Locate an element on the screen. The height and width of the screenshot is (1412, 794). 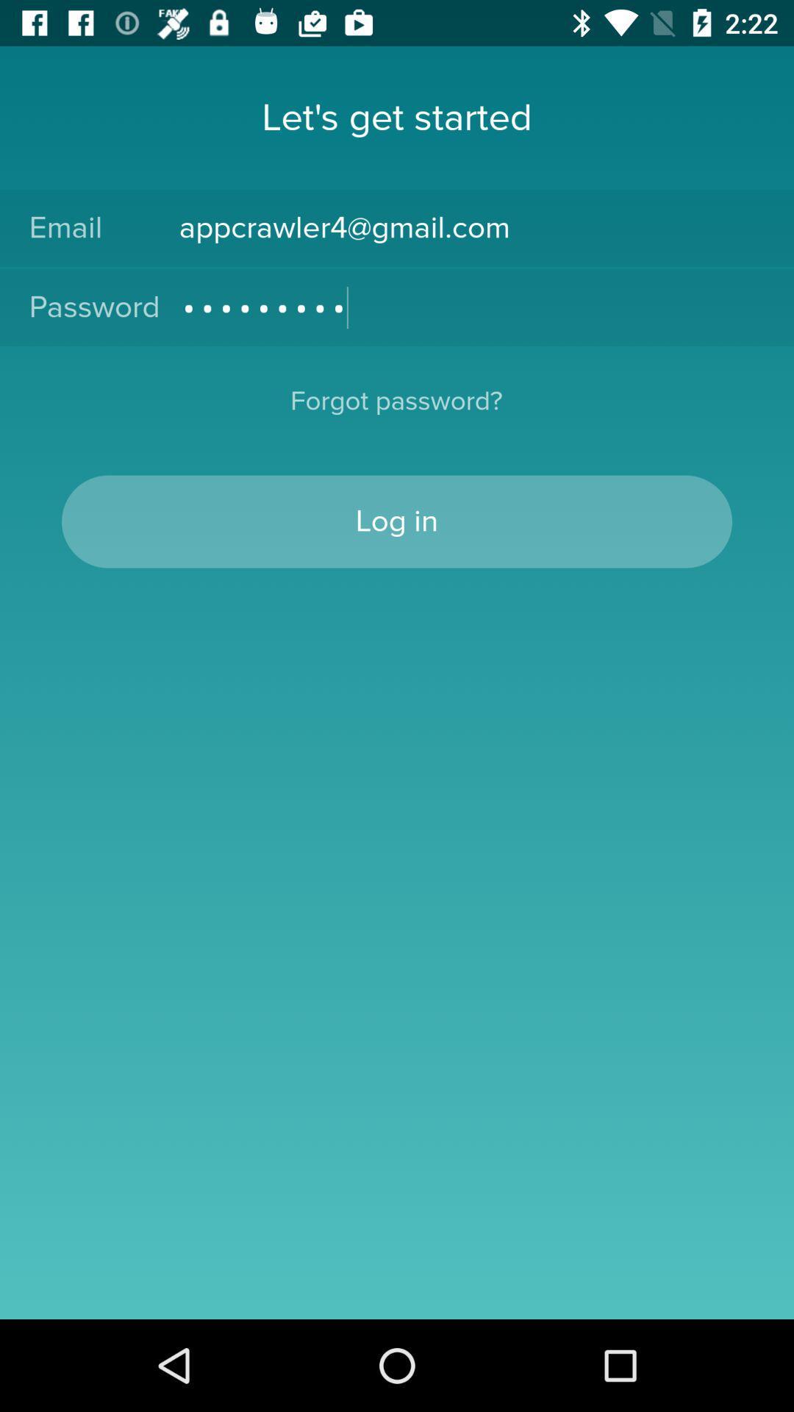
icon below the appcrawler4@gmail.com icon is located at coordinates (471, 307).